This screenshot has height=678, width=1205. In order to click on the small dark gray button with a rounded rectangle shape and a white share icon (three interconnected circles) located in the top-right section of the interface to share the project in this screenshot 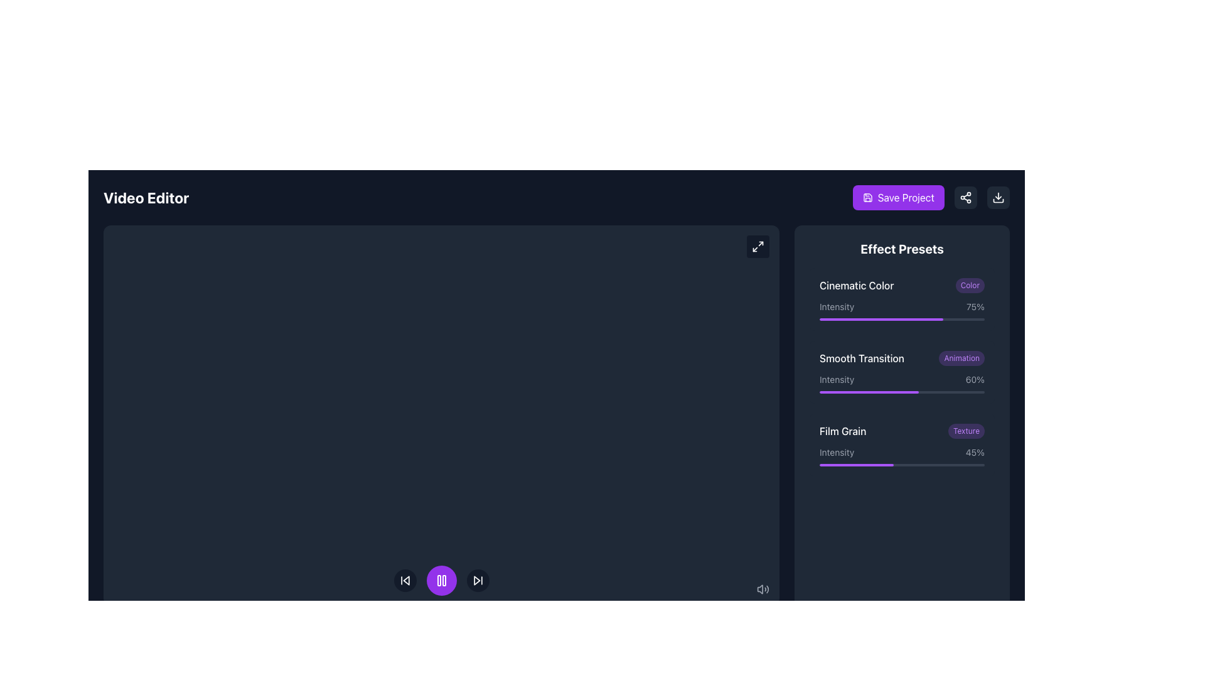, I will do `click(965, 198)`.